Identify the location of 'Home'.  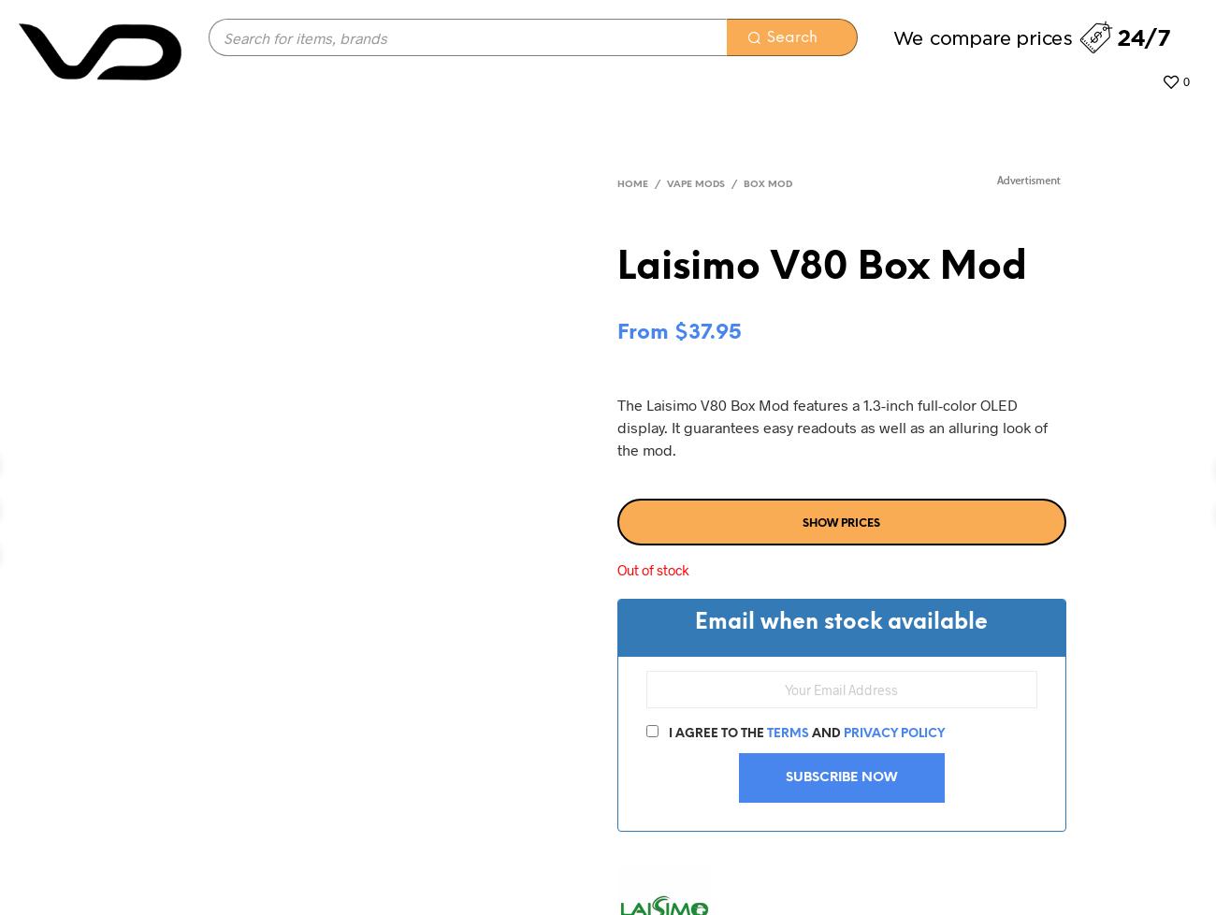
(631, 184).